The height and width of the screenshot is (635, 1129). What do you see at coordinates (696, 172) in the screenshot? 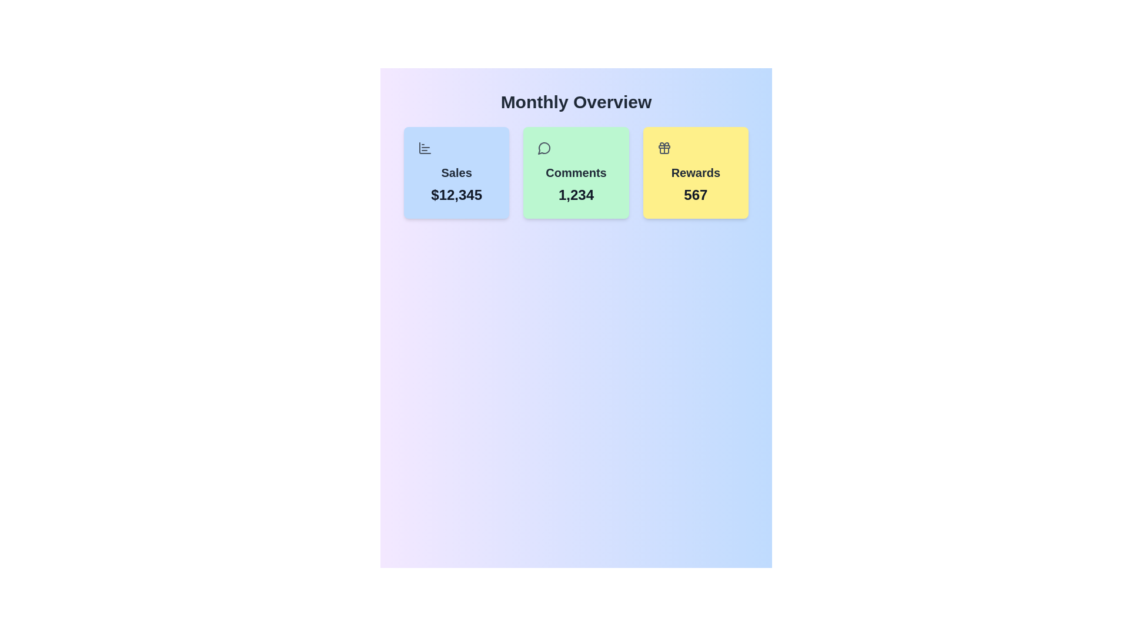
I see `and interpret the numeric summary displayed as '567' under the 'Rewards' text in the rightmost informational card of the three-card grid layout` at bounding box center [696, 172].